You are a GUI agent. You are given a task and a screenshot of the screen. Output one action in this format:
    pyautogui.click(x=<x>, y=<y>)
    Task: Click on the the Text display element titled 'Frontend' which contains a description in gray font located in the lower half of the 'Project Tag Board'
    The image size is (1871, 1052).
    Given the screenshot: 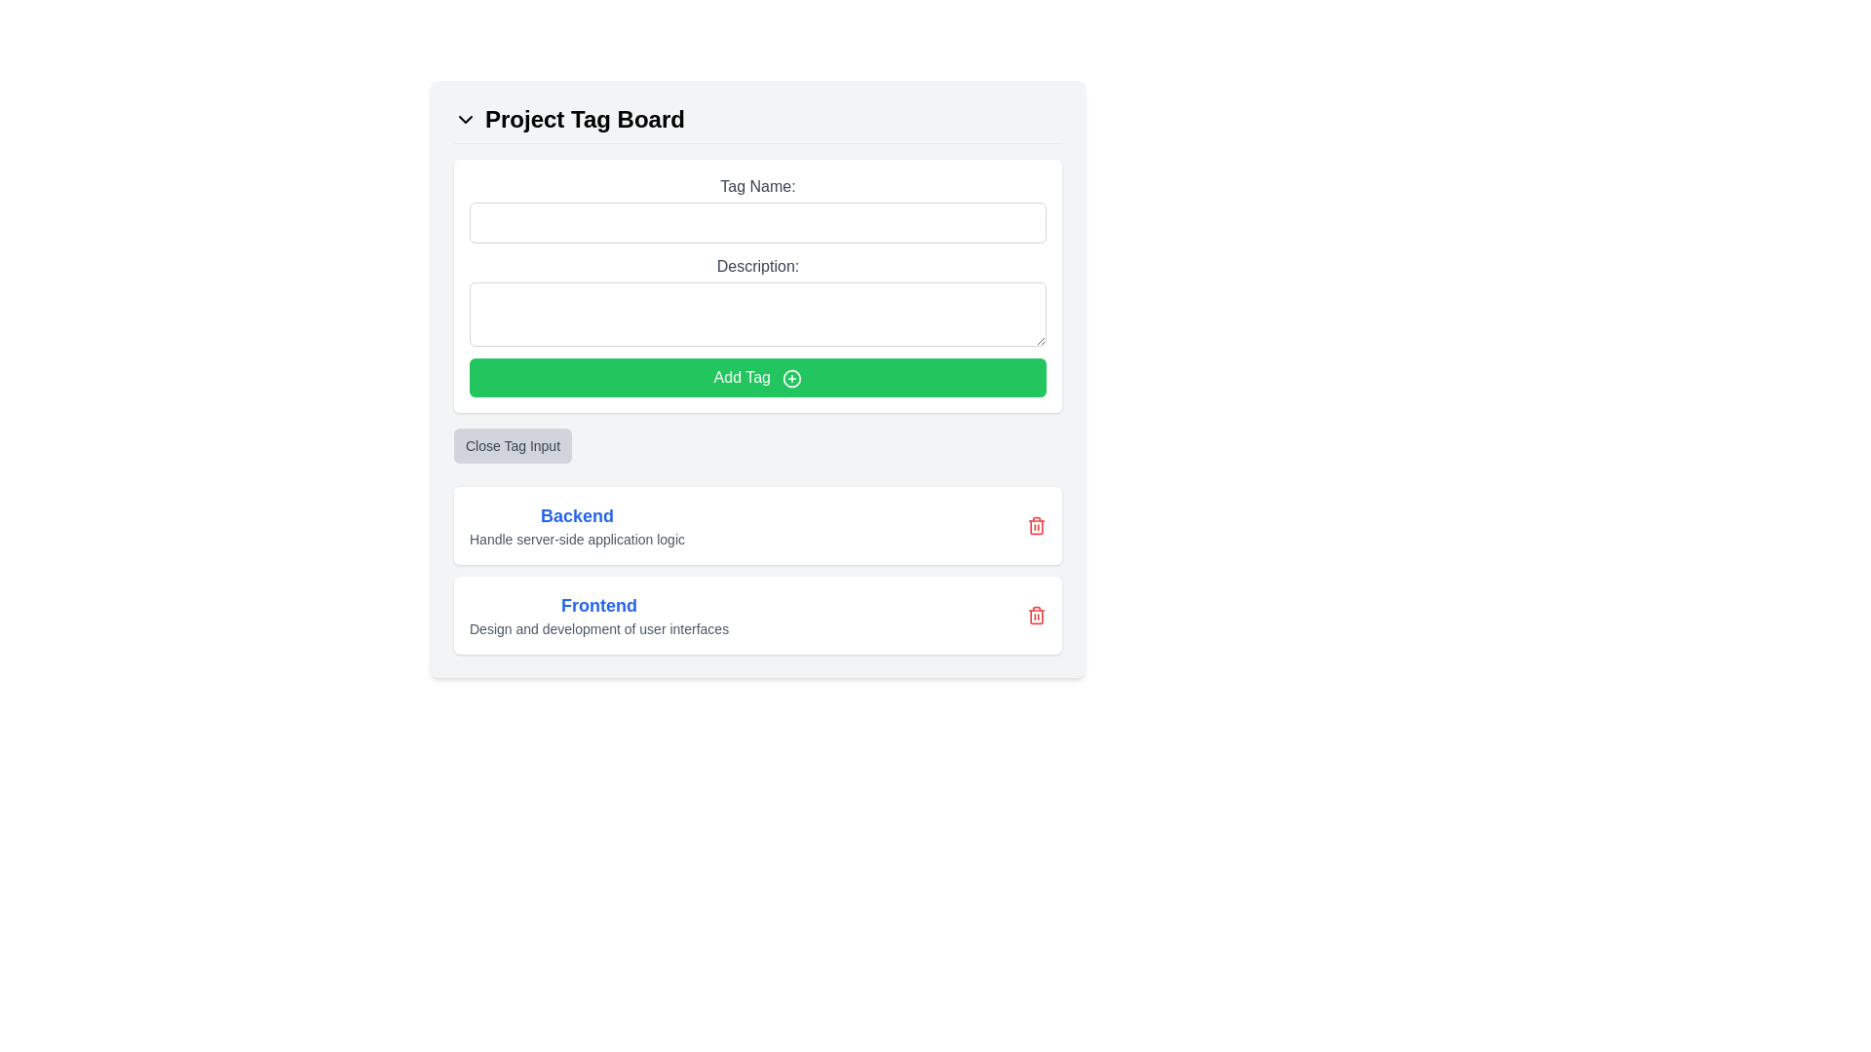 What is the action you would take?
    pyautogui.click(x=598, y=616)
    